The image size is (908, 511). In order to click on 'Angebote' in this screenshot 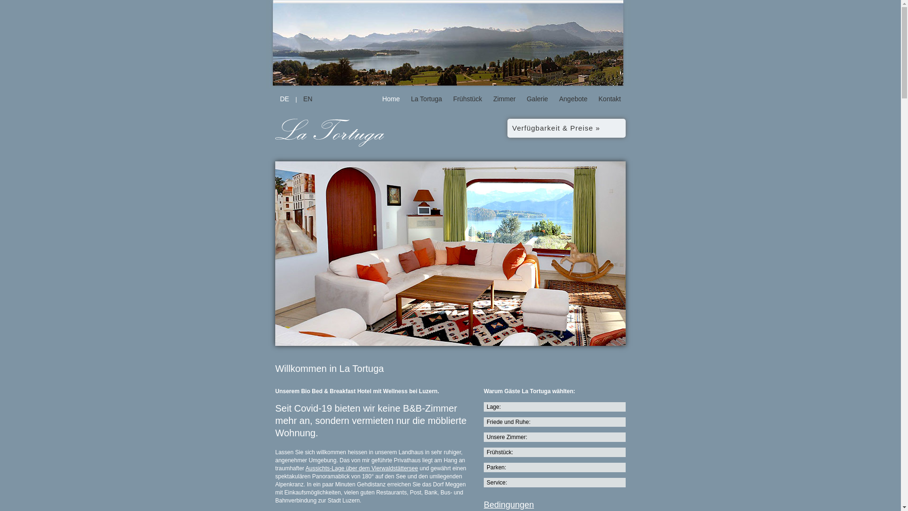, I will do `click(572, 98)`.